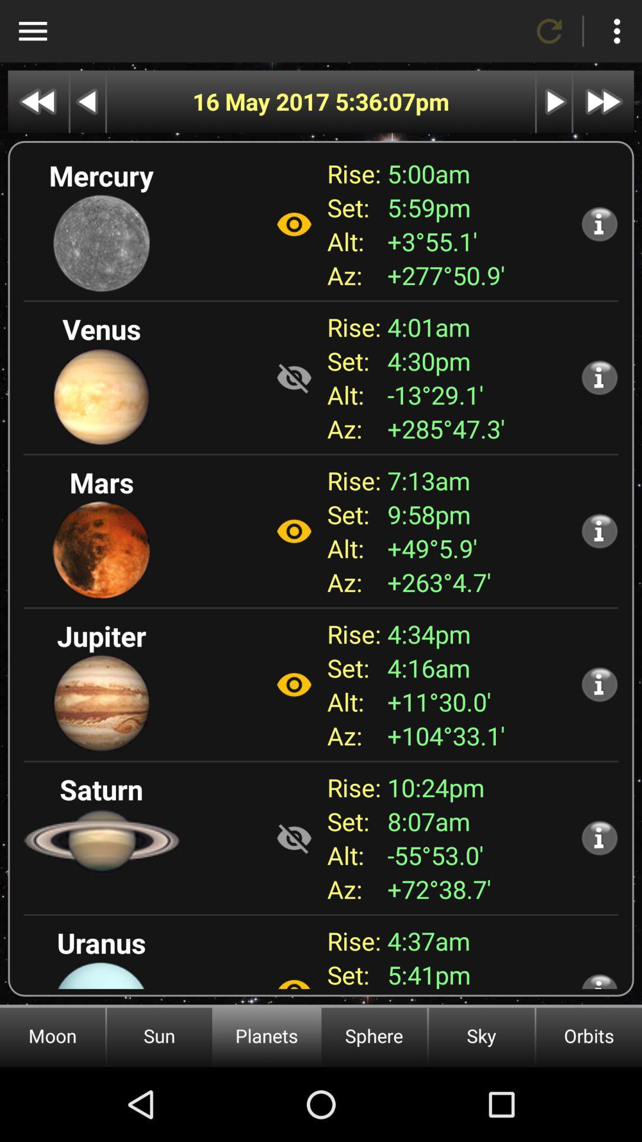 The height and width of the screenshot is (1142, 642). What do you see at coordinates (554, 102) in the screenshot?
I see `go next` at bounding box center [554, 102].